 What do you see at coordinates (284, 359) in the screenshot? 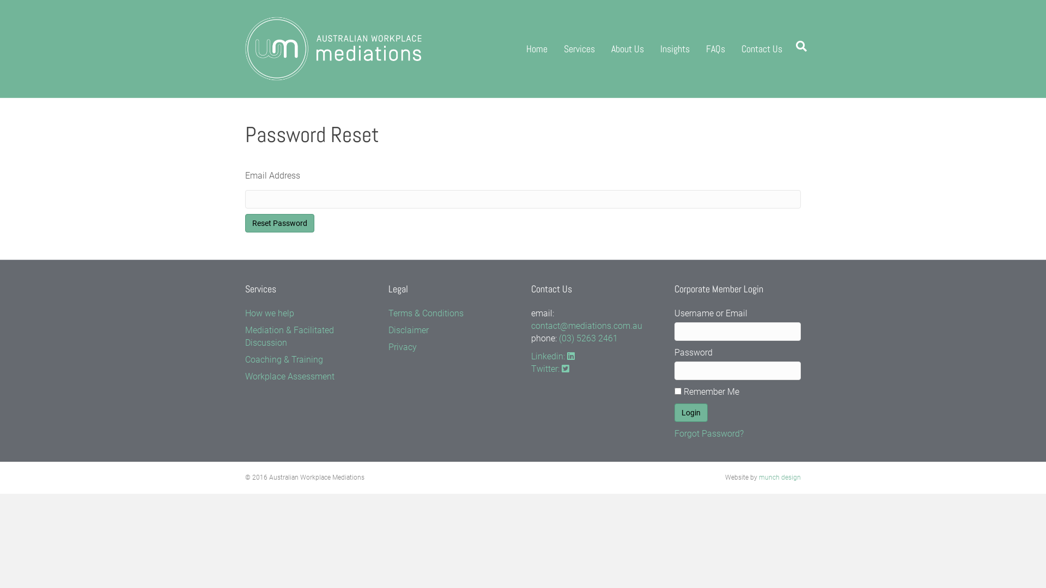
I see `'Coaching & Training'` at bounding box center [284, 359].